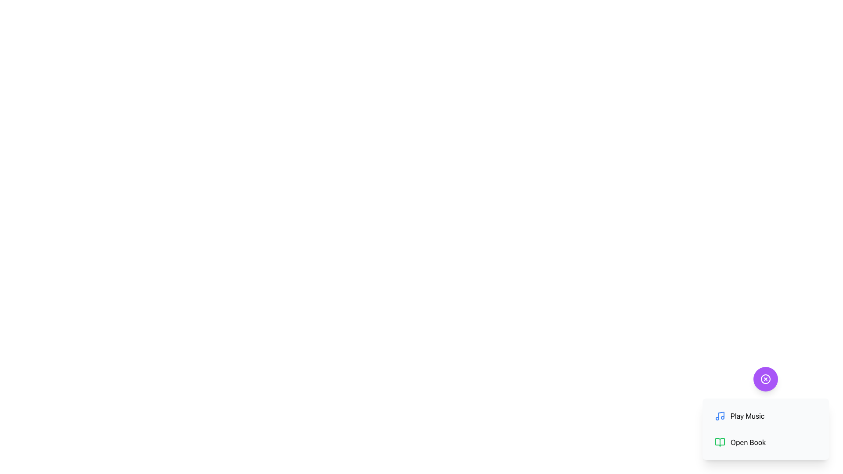 The image size is (843, 474). I want to click on the first interactive row in the popup menu that allows users to play music, located at the bottom-right corner of the viewport, directly below a circular purple button, so click(765, 413).